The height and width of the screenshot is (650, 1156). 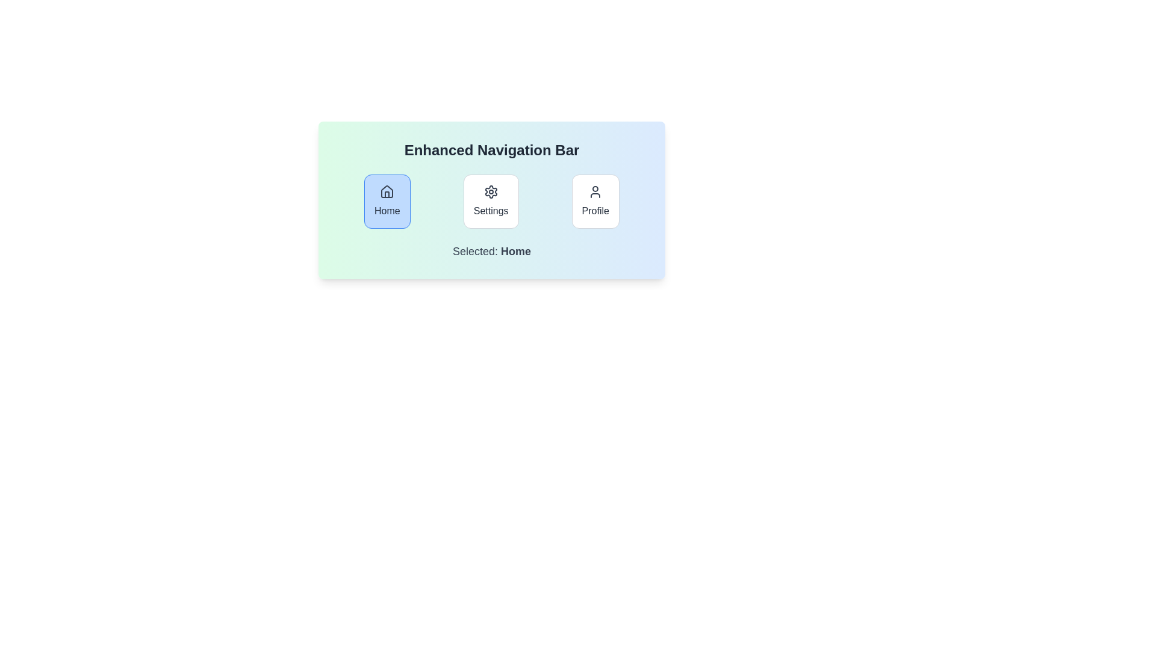 What do you see at coordinates (595, 211) in the screenshot?
I see `the 'Profile' text label in the navigation menu which is located beneath the person icon` at bounding box center [595, 211].